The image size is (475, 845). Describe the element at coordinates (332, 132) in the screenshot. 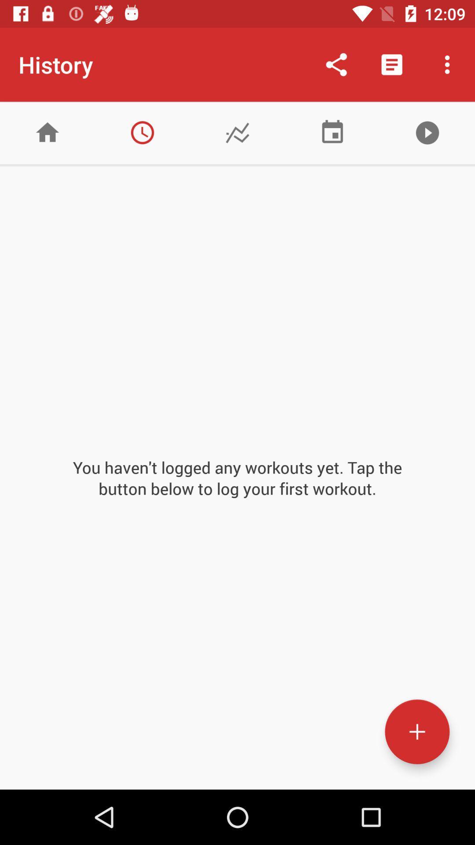

I see `this label was calender` at that location.